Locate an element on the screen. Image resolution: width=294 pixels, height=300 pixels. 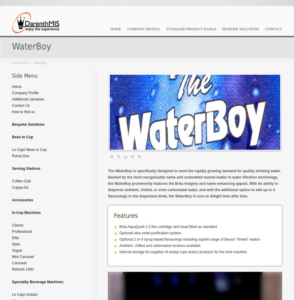
'DarenthMJS' is located at coordinates (20, 63).